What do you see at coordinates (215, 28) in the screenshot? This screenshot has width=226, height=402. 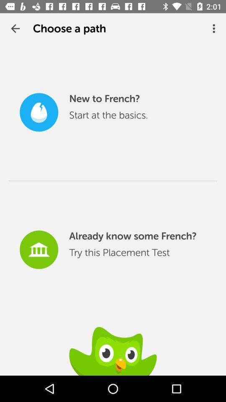 I see `icon at the top right corner` at bounding box center [215, 28].